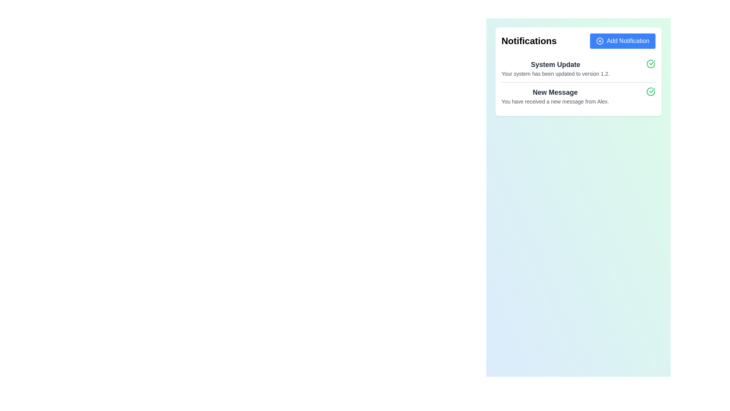  Describe the element at coordinates (555, 101) in the screenshot. I see `the text segment that displays 'You have received a new message from Alex.', which is styled in gray and located beneath the heading 'New Message' in the notifications panel` at that location.